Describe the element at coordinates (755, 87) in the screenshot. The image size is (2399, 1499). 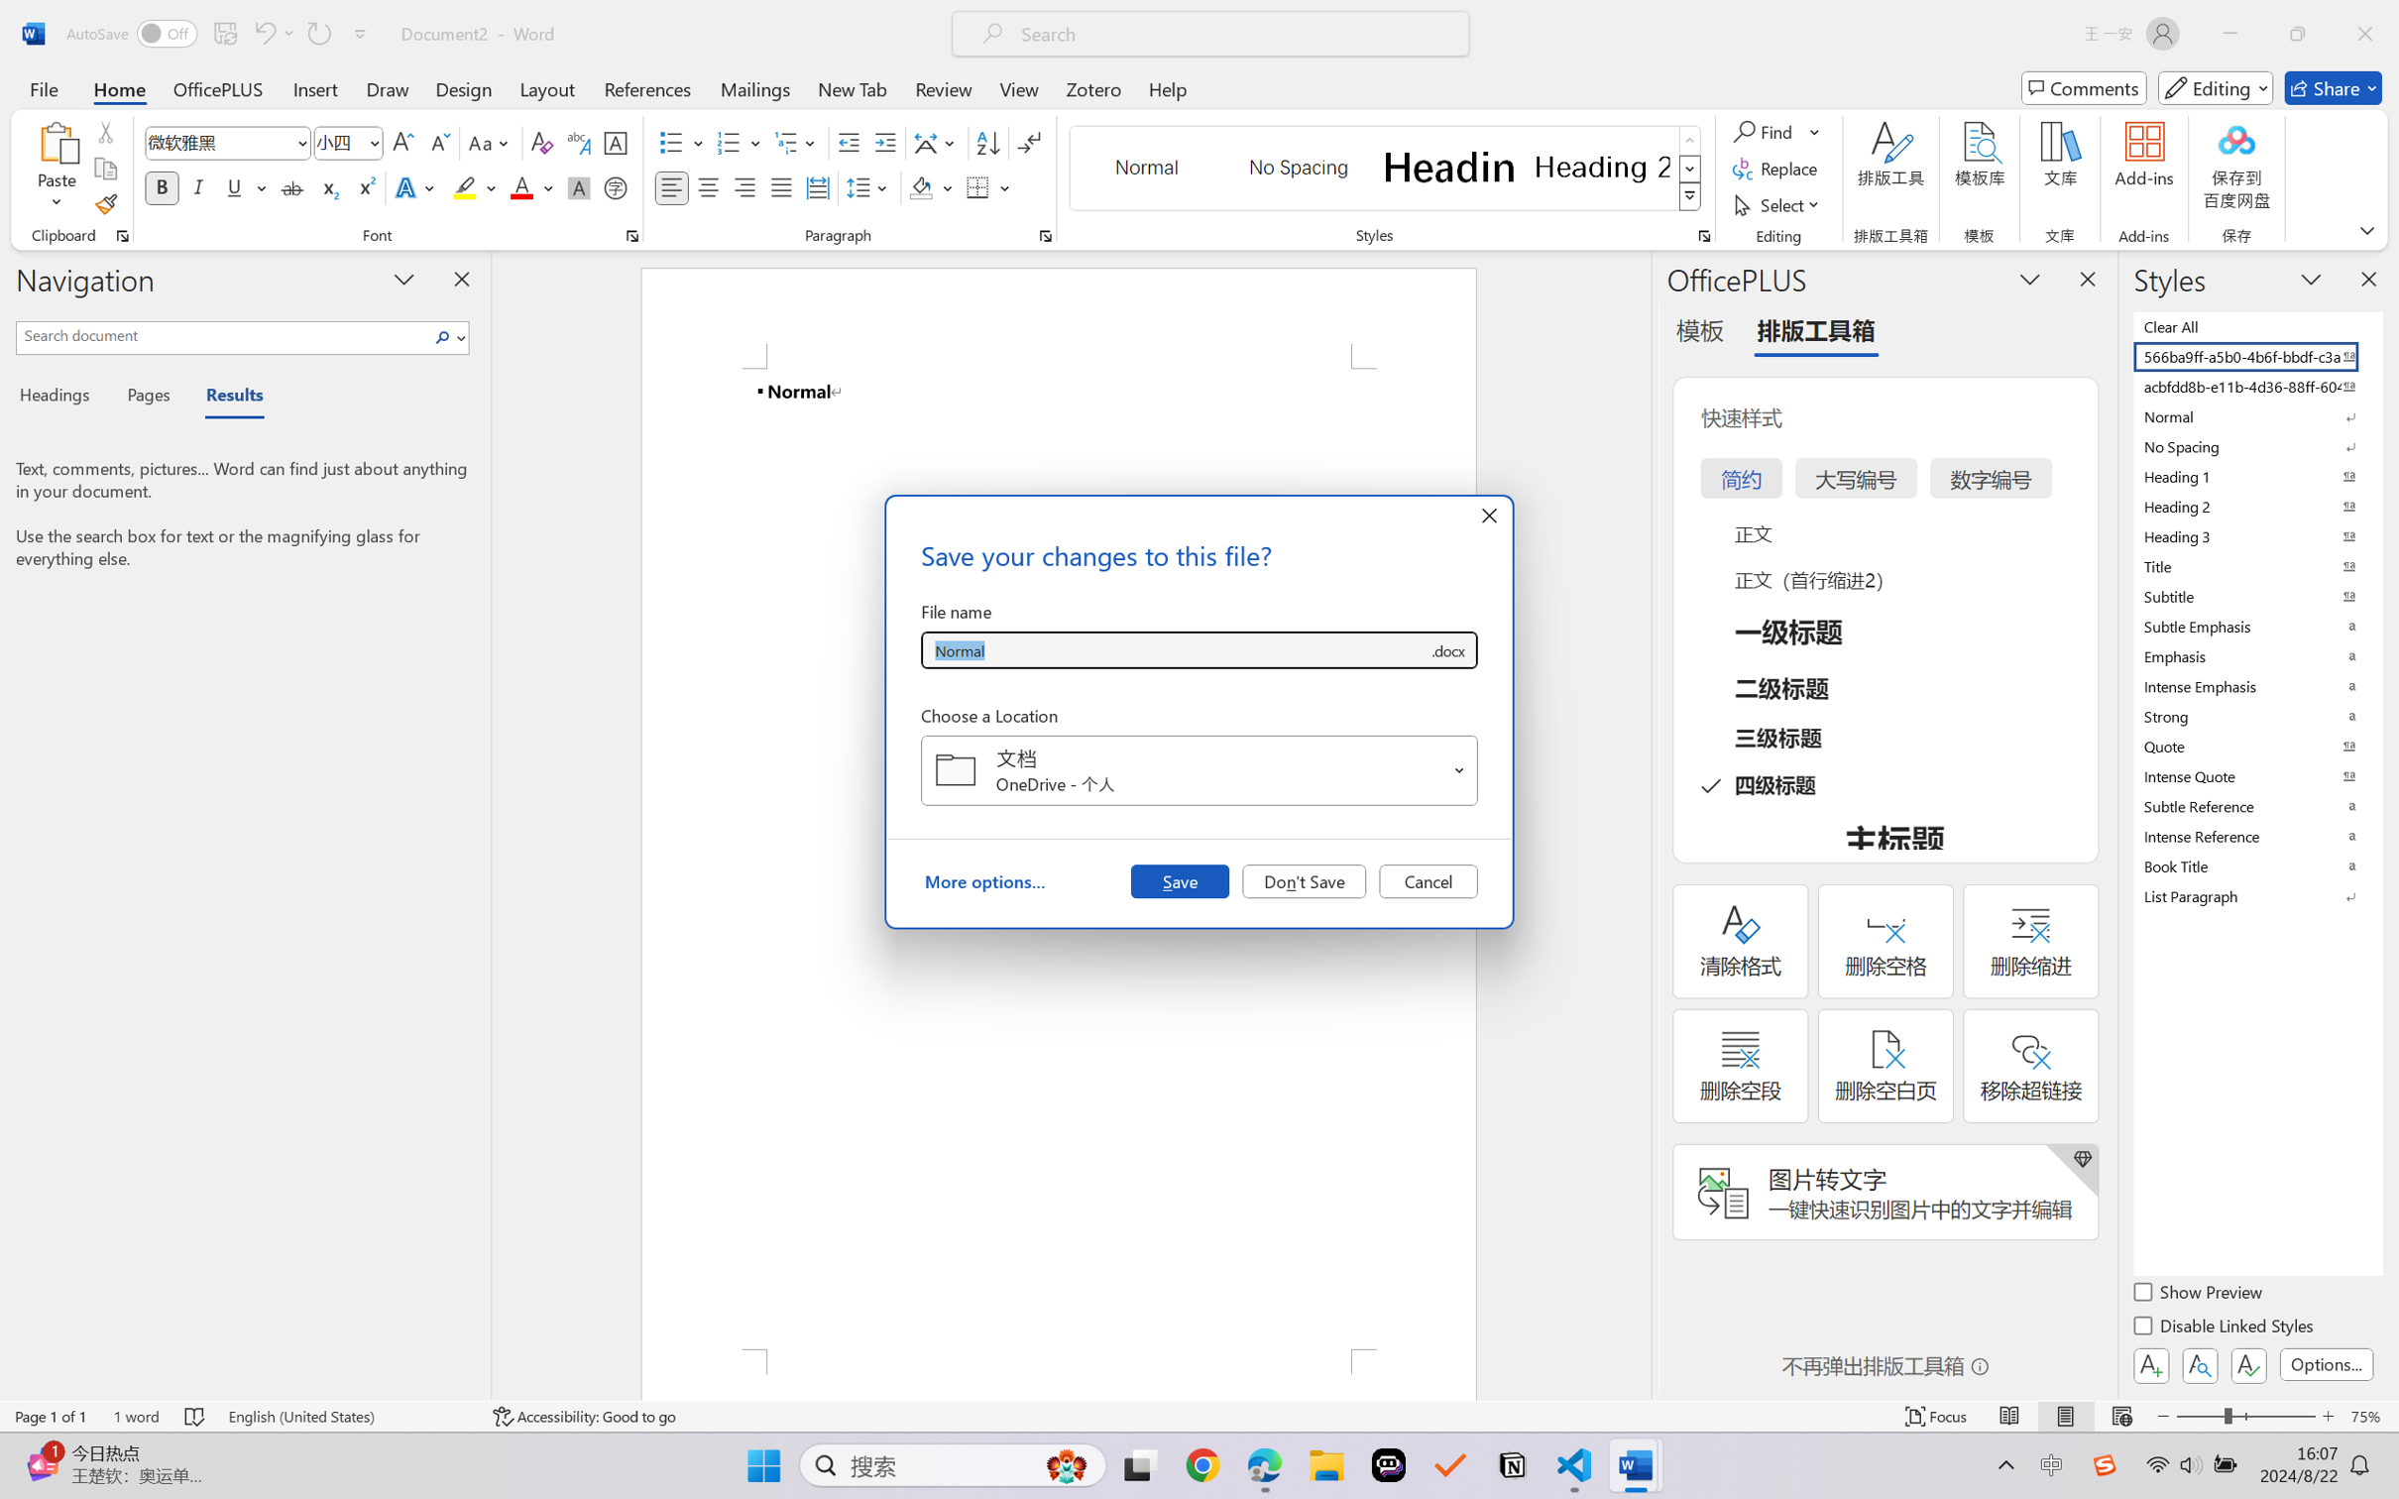
I see `'Mailings'` at that location.